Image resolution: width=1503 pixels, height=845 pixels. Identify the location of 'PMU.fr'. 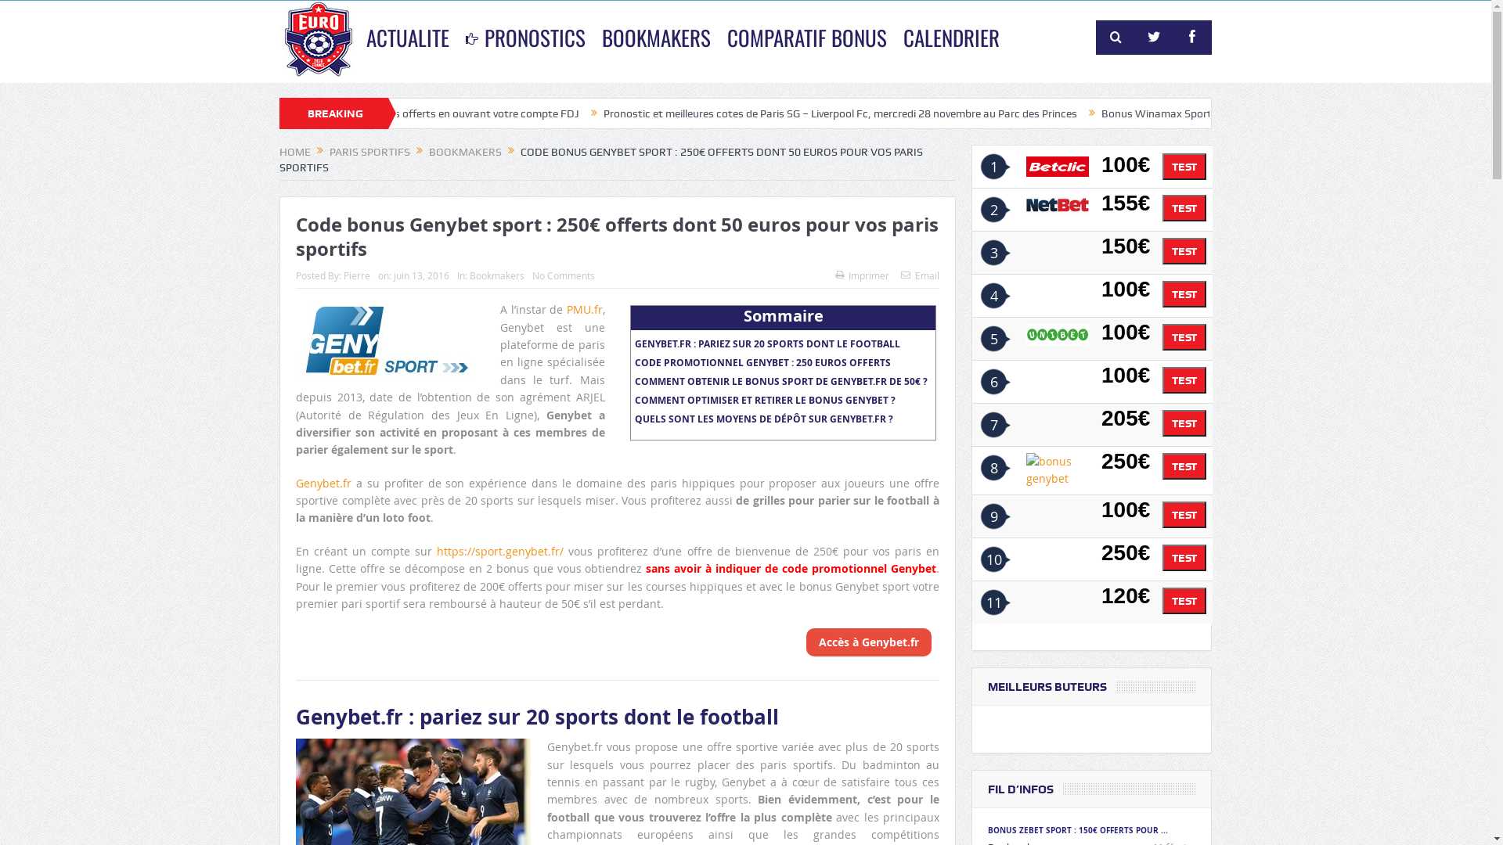
(584, 309).